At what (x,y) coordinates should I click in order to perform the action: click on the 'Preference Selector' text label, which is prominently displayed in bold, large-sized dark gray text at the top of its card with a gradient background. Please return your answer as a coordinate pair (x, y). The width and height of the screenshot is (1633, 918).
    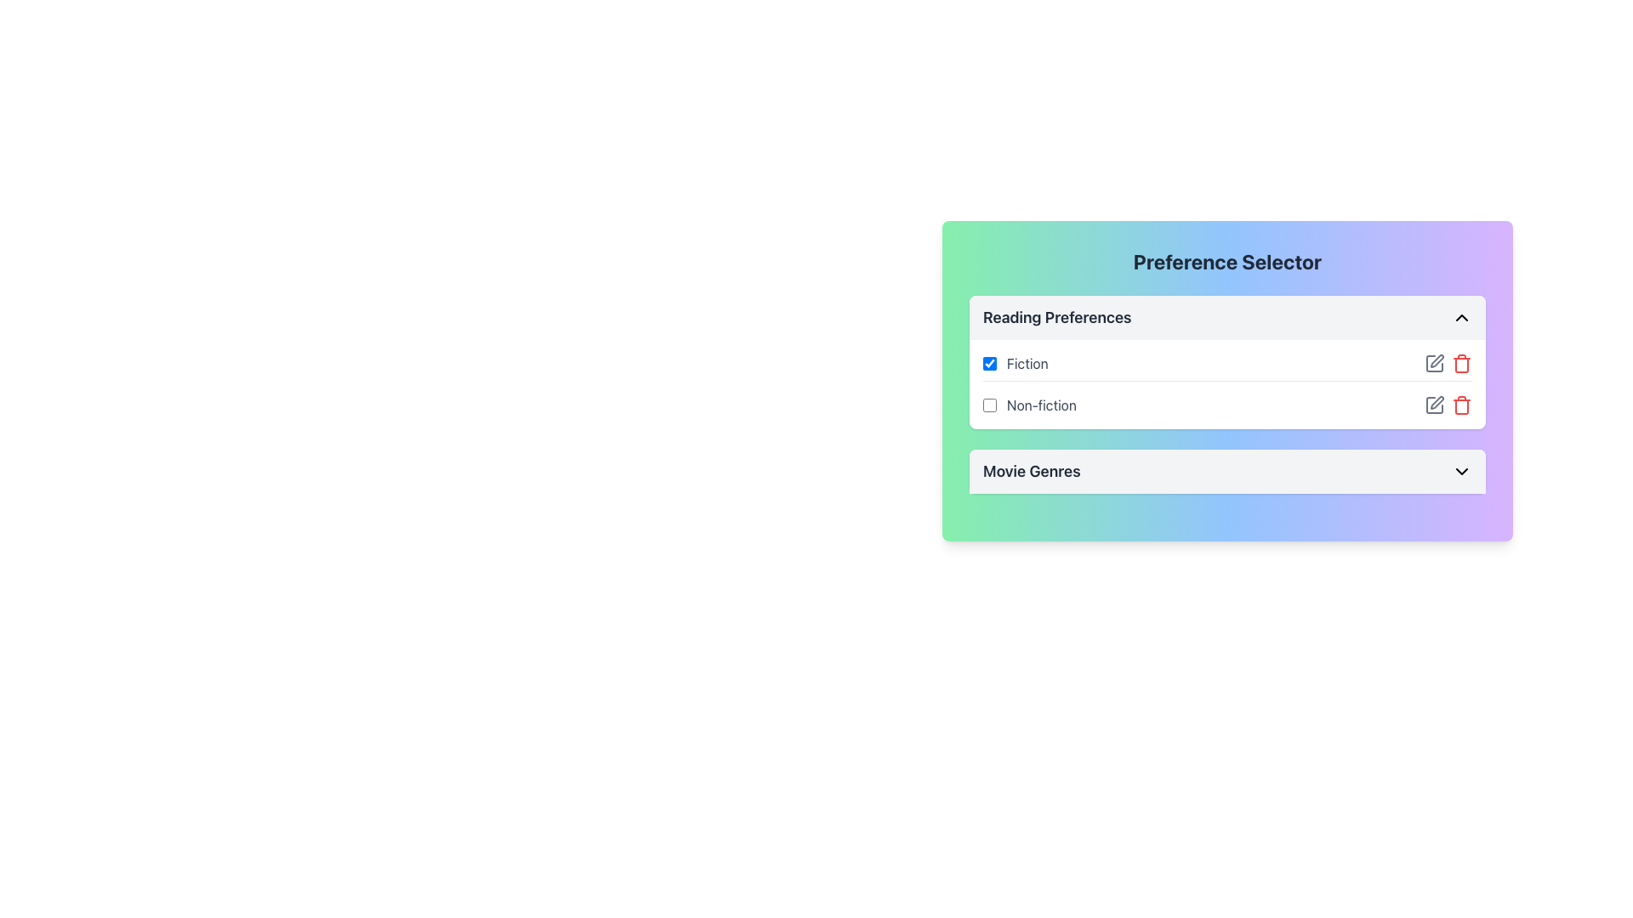
    Looking at the image, I should click on (1227, 262).